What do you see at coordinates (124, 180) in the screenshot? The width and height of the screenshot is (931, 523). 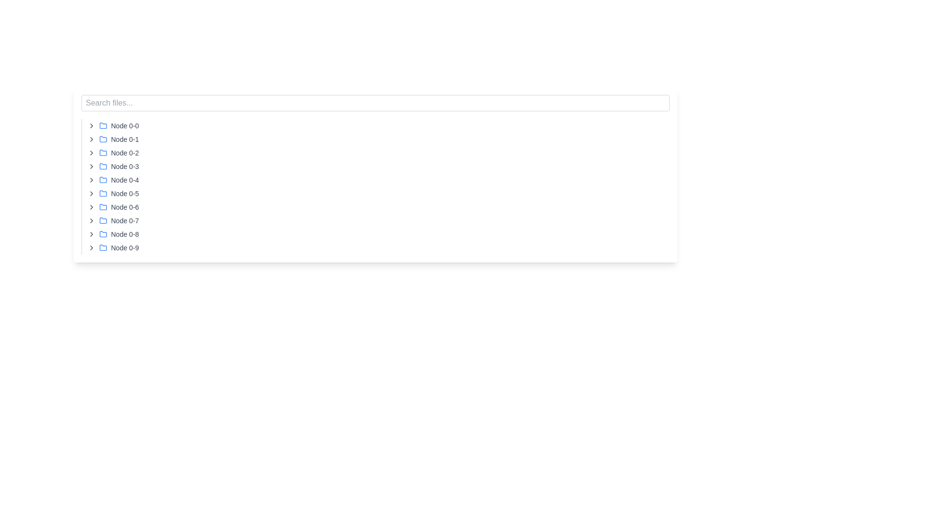 I see `the fifth text label in the vertical list` at bounding box center [124, 180].